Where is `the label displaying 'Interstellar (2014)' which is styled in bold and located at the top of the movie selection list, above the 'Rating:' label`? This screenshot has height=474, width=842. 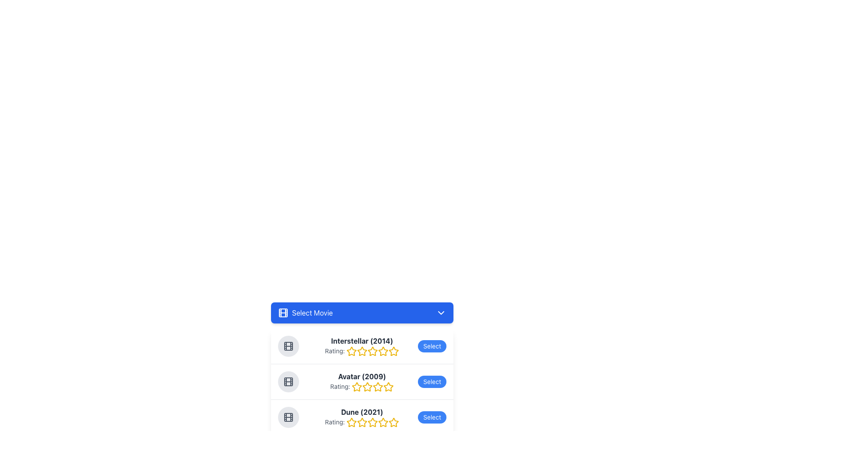
the label displaying 'Interstellar (2014)' which is styled in bold and located at the top of the movie selection list, above the 'Rating:' label is located at coordinates (362, 340).